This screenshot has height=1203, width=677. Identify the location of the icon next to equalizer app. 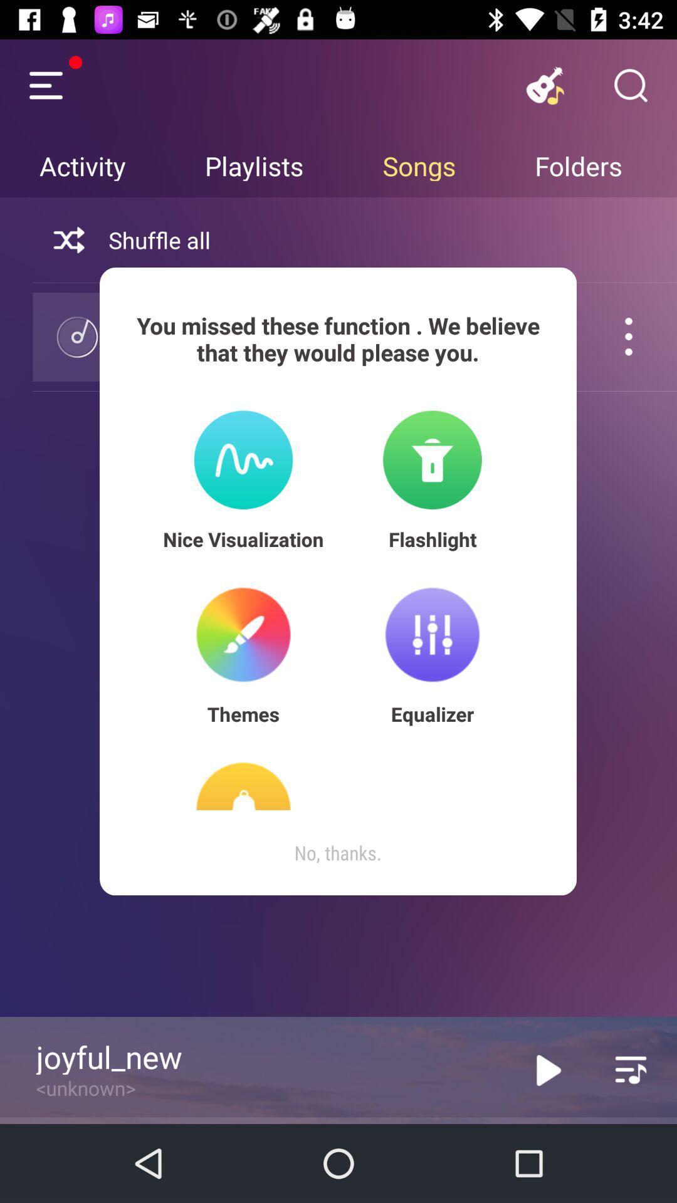
(243, 714).